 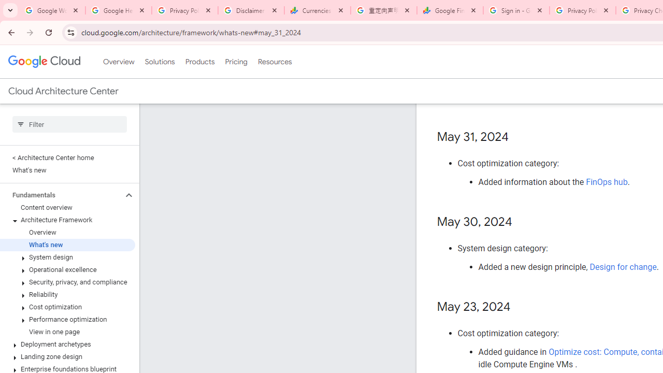 What do you see at coordinates (67, 208) in the screenshot?
I see `'Content overview'` at bounding box center [67, 208].